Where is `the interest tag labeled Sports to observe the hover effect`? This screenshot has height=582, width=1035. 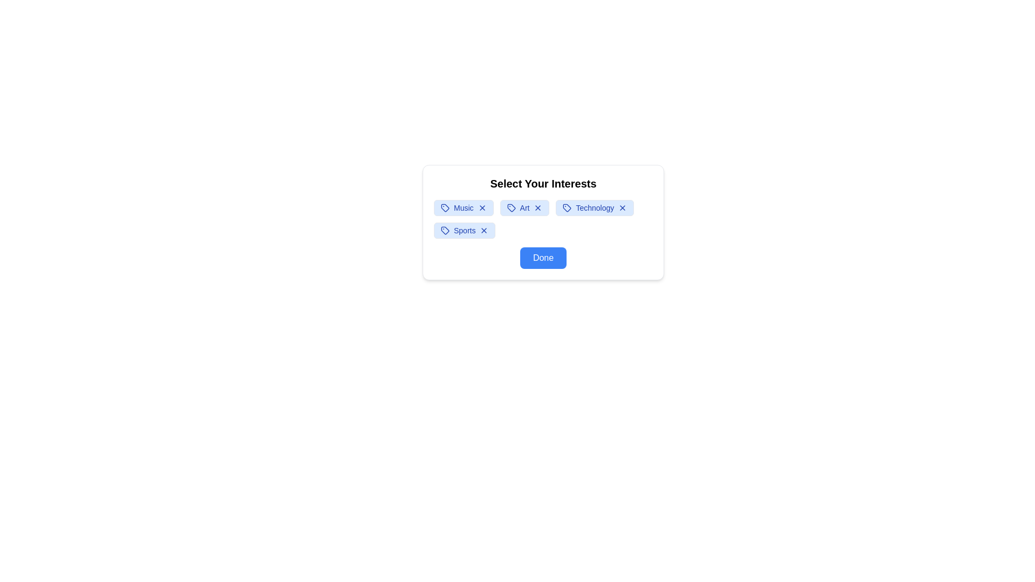 the interest tag labeled Sports to observe the hover effect is located at coordinates (465, 230).